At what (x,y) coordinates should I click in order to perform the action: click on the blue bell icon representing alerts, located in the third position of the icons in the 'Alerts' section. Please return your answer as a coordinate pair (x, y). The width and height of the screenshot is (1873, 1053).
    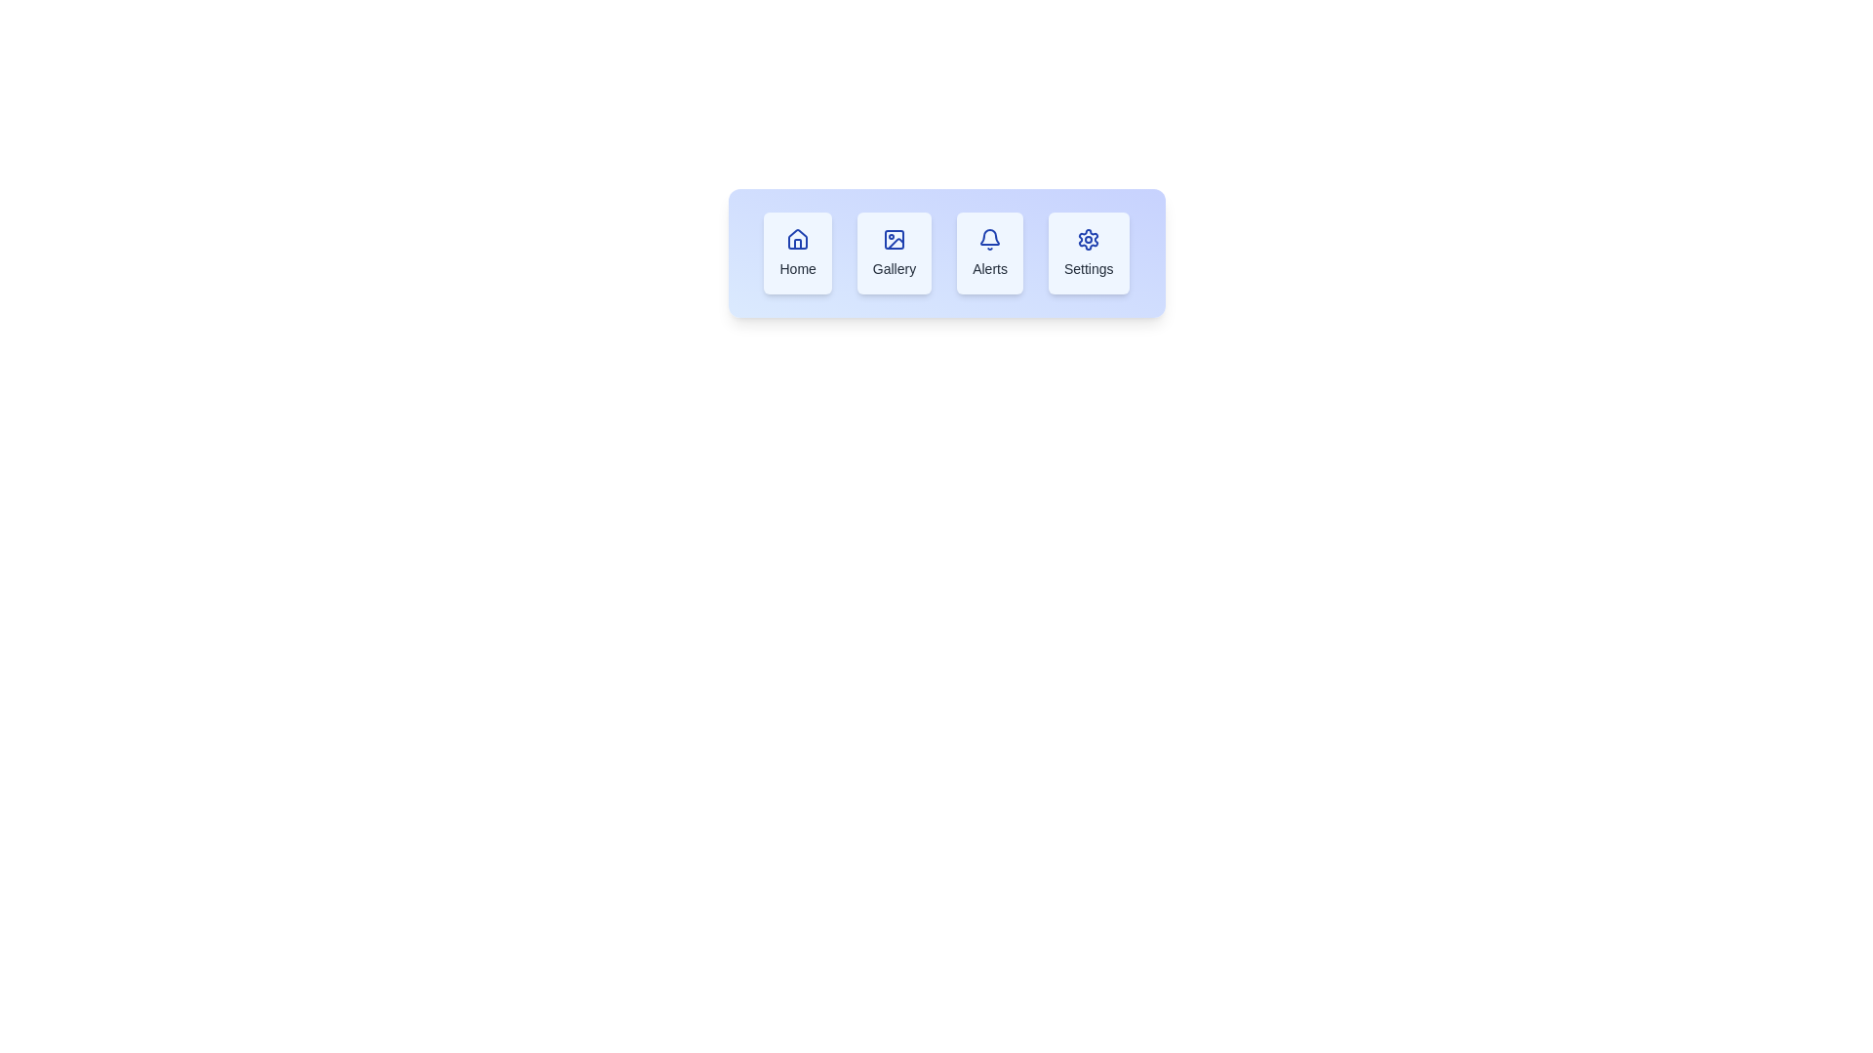
    Looking at the image, I should click on (990, 236).